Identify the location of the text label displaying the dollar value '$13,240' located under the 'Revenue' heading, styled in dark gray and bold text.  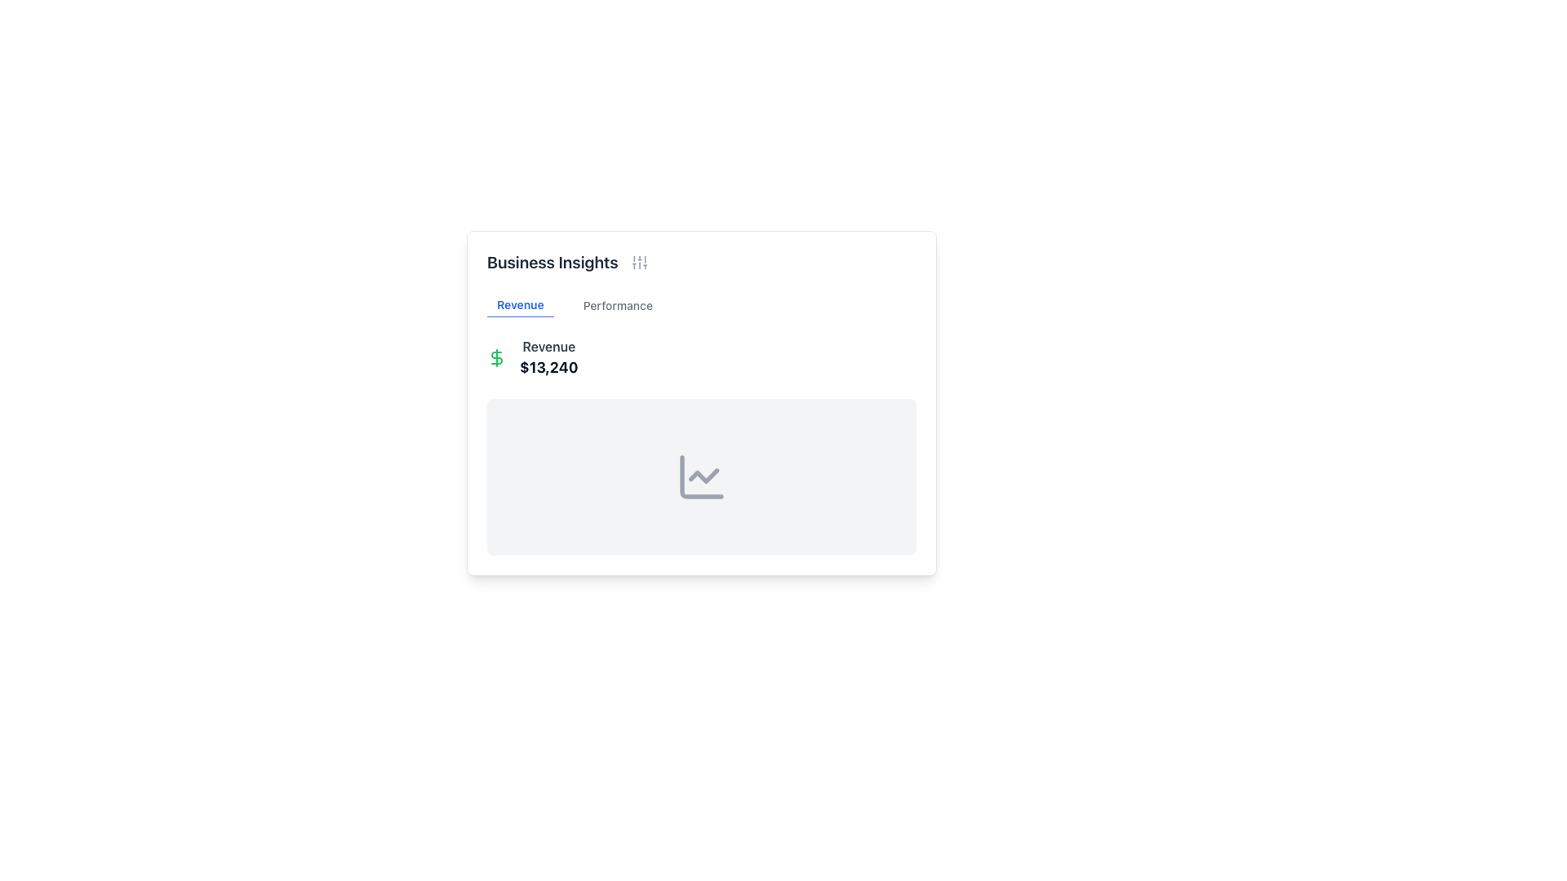
(548, 368).